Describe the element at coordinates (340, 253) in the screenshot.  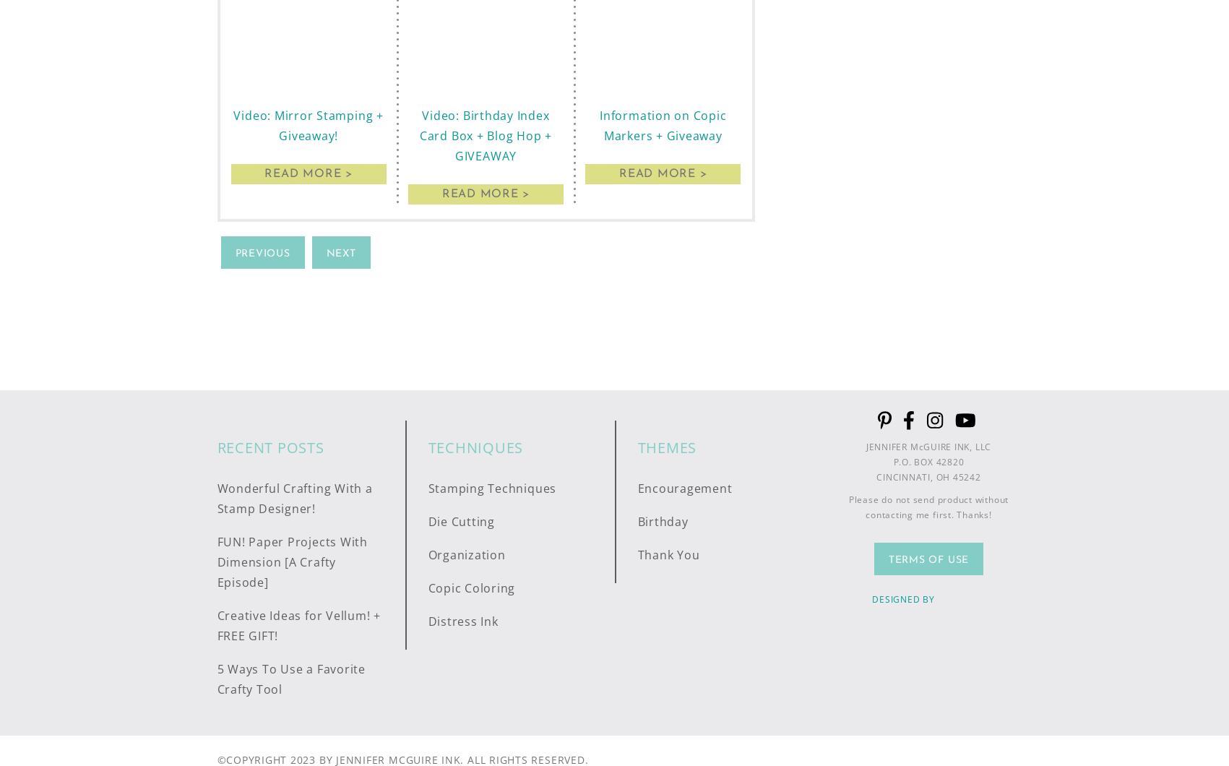
I see `'Next'` at that location.